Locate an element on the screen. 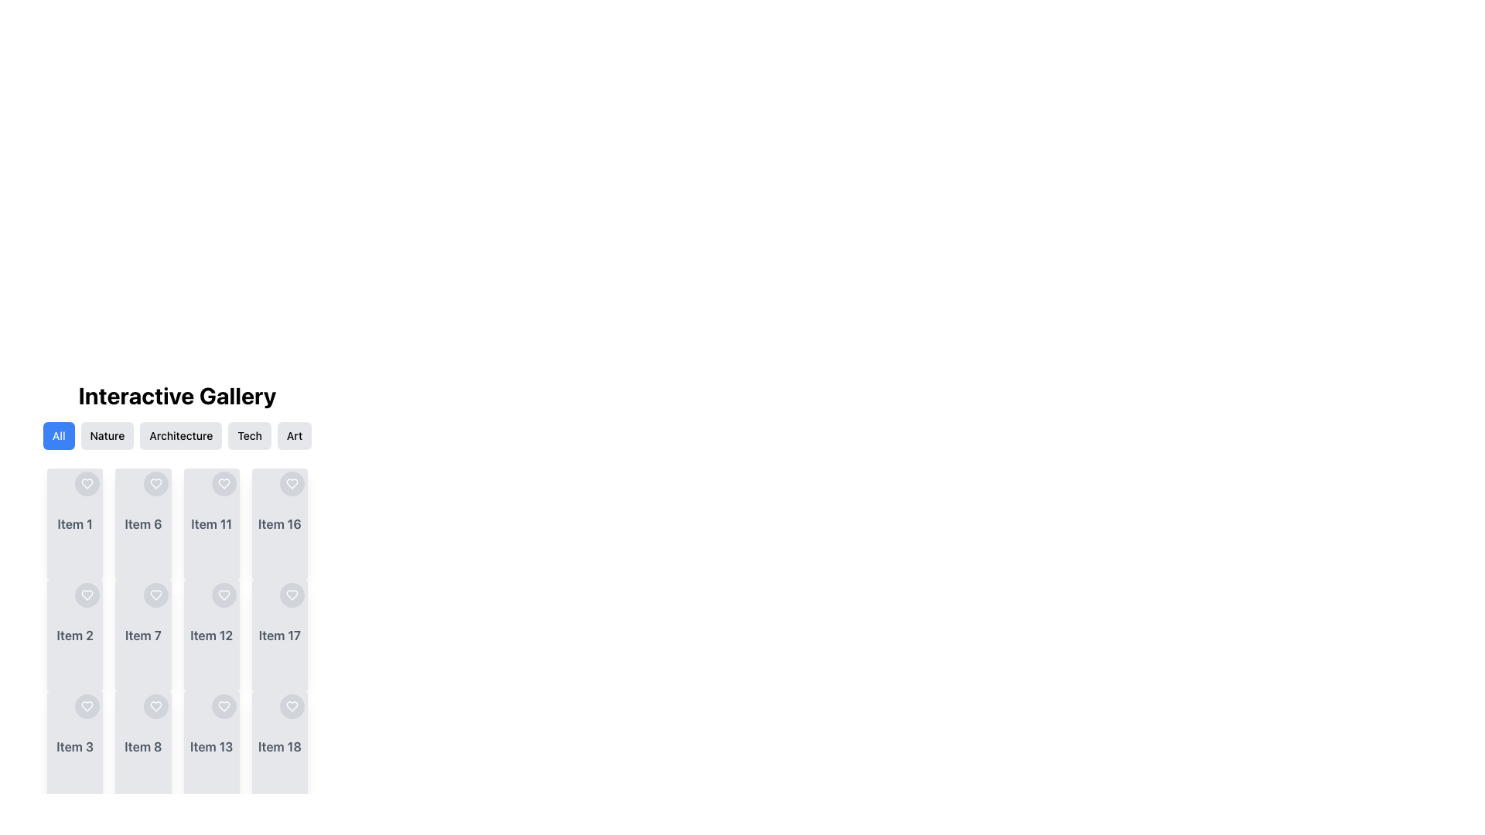 The width and height of the screenshot is (1485, 835). the actionable text within the button that reveals more detailed information about 'Item 11' is located at coordinates (217, 523).